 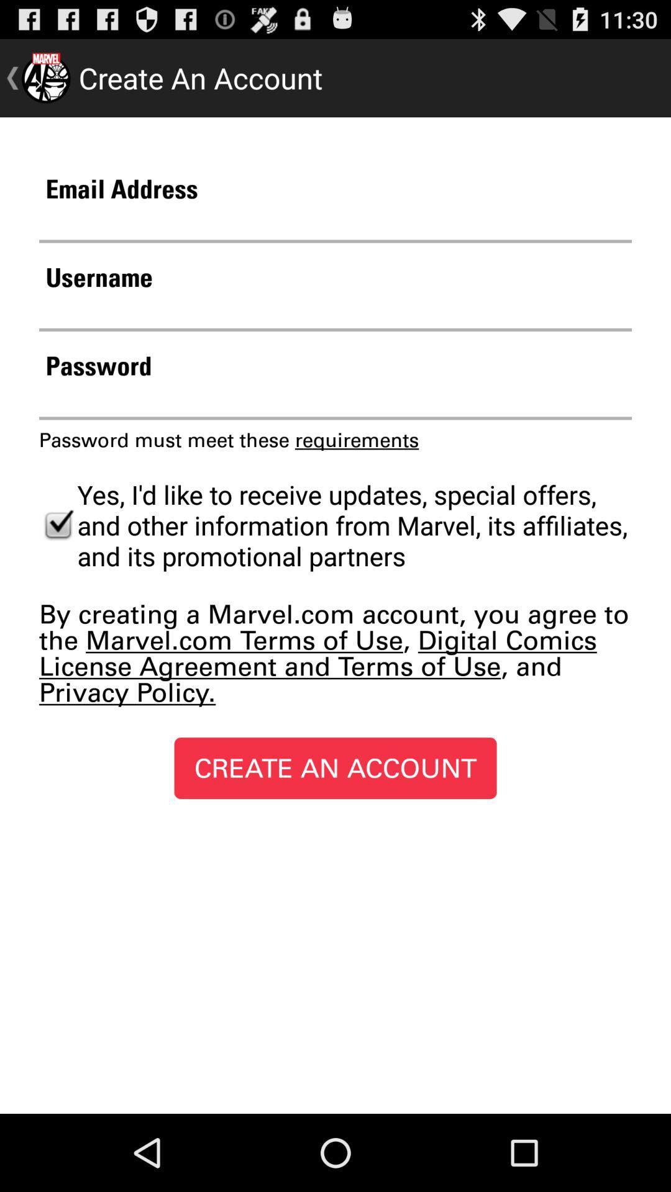 What do you see at coordinates (335, 312) in the screenshot?
I see `the username for creating an account` at bounding box center [335, 312].